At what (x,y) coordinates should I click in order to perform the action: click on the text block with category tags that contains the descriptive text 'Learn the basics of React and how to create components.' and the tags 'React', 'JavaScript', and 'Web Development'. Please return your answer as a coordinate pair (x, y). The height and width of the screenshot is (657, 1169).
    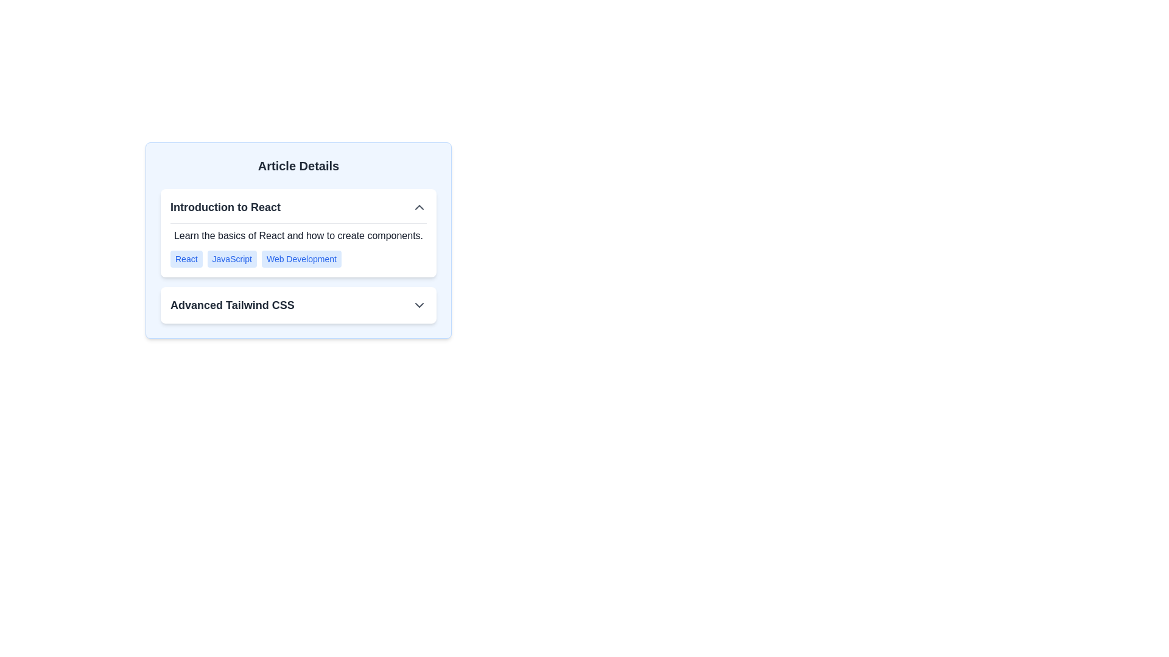
    Looking at the image, I should click on (298, 245).